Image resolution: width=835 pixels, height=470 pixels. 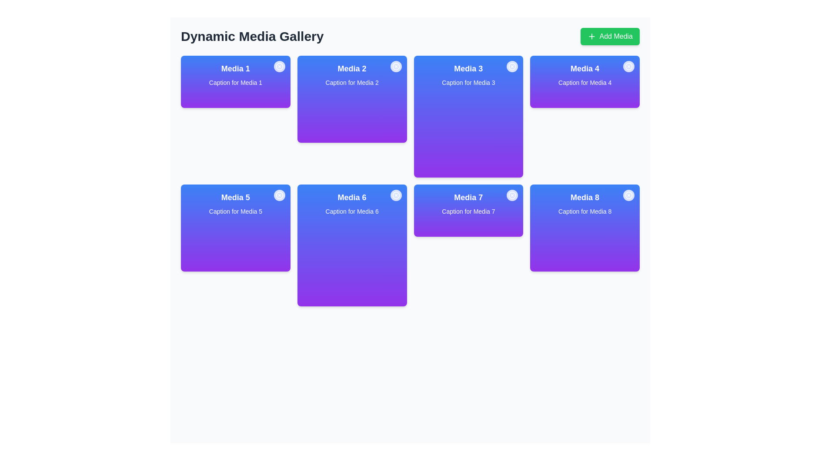 What do you see at coordinates (352, 68) in the screenshot?
I see `the bolded text label 'Media 2' which is centrally aligned at the top of a gradient card transitioning from blue to purple` at bounding box center [352, 68].